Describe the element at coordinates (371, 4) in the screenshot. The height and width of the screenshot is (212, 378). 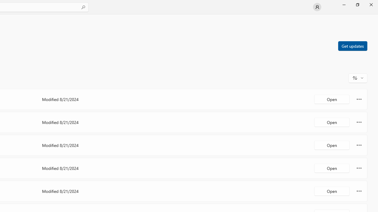
I see `'Close Microsoft Store'` at that location.